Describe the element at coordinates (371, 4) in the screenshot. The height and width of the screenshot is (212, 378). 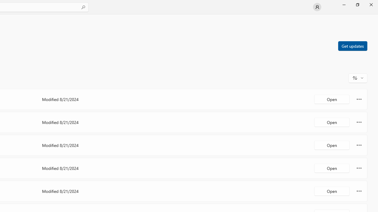
I see `'Close Microsoft Store'` at that location.